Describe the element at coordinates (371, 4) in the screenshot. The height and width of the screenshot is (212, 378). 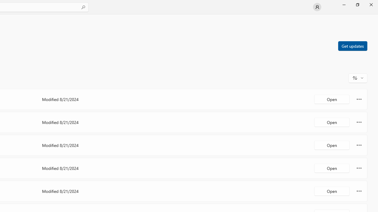
I see `'Close Microsoft Store'` at that location.